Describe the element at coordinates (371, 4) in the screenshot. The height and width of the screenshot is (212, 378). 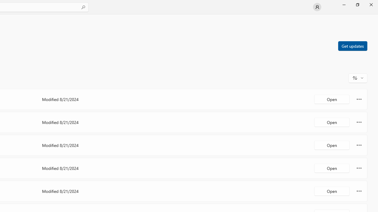
I see `'Close Microsoft Store'` at that location.